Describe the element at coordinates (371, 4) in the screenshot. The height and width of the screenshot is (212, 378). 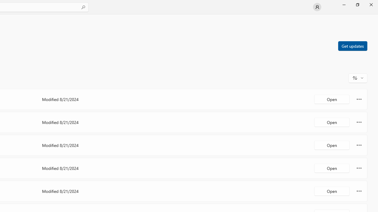
I see `'Close Microsoft Store'` at that location.